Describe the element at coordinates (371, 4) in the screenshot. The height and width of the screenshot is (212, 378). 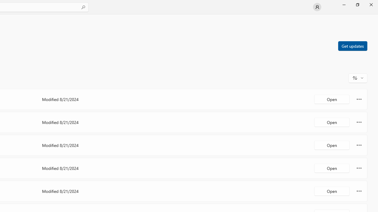
I see `'Close Microsoft Store'` at that location.